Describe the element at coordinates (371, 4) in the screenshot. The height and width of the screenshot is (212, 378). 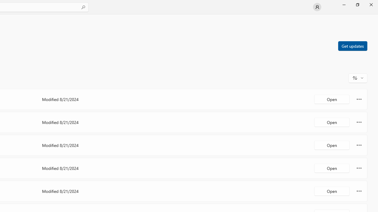
I see `'Close Microsoft Store'` at that location.